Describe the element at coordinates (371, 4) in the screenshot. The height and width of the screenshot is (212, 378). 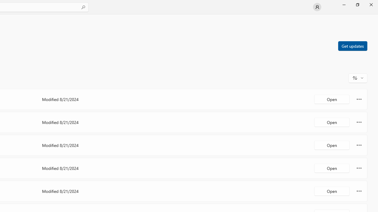
I see `'Close Microsoft Store'` at that location.